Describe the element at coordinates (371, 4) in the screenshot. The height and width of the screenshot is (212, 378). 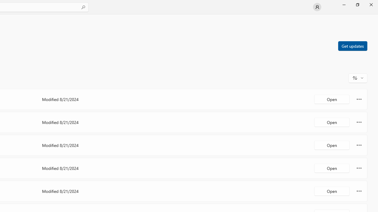
I see `'Close Microsoft Store'` at that location.